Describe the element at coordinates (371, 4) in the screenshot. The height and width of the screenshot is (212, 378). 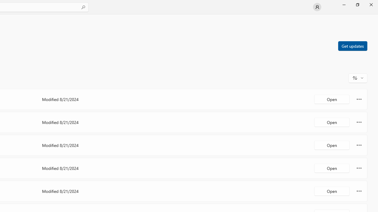
I see `'Close Microsoft Store'` at that location.